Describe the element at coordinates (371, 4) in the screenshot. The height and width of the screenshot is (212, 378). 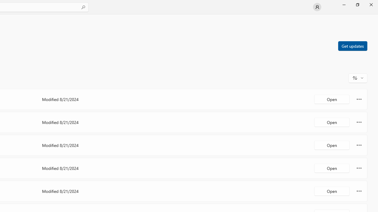
I see `'Close Microsoft Store'` at that location.